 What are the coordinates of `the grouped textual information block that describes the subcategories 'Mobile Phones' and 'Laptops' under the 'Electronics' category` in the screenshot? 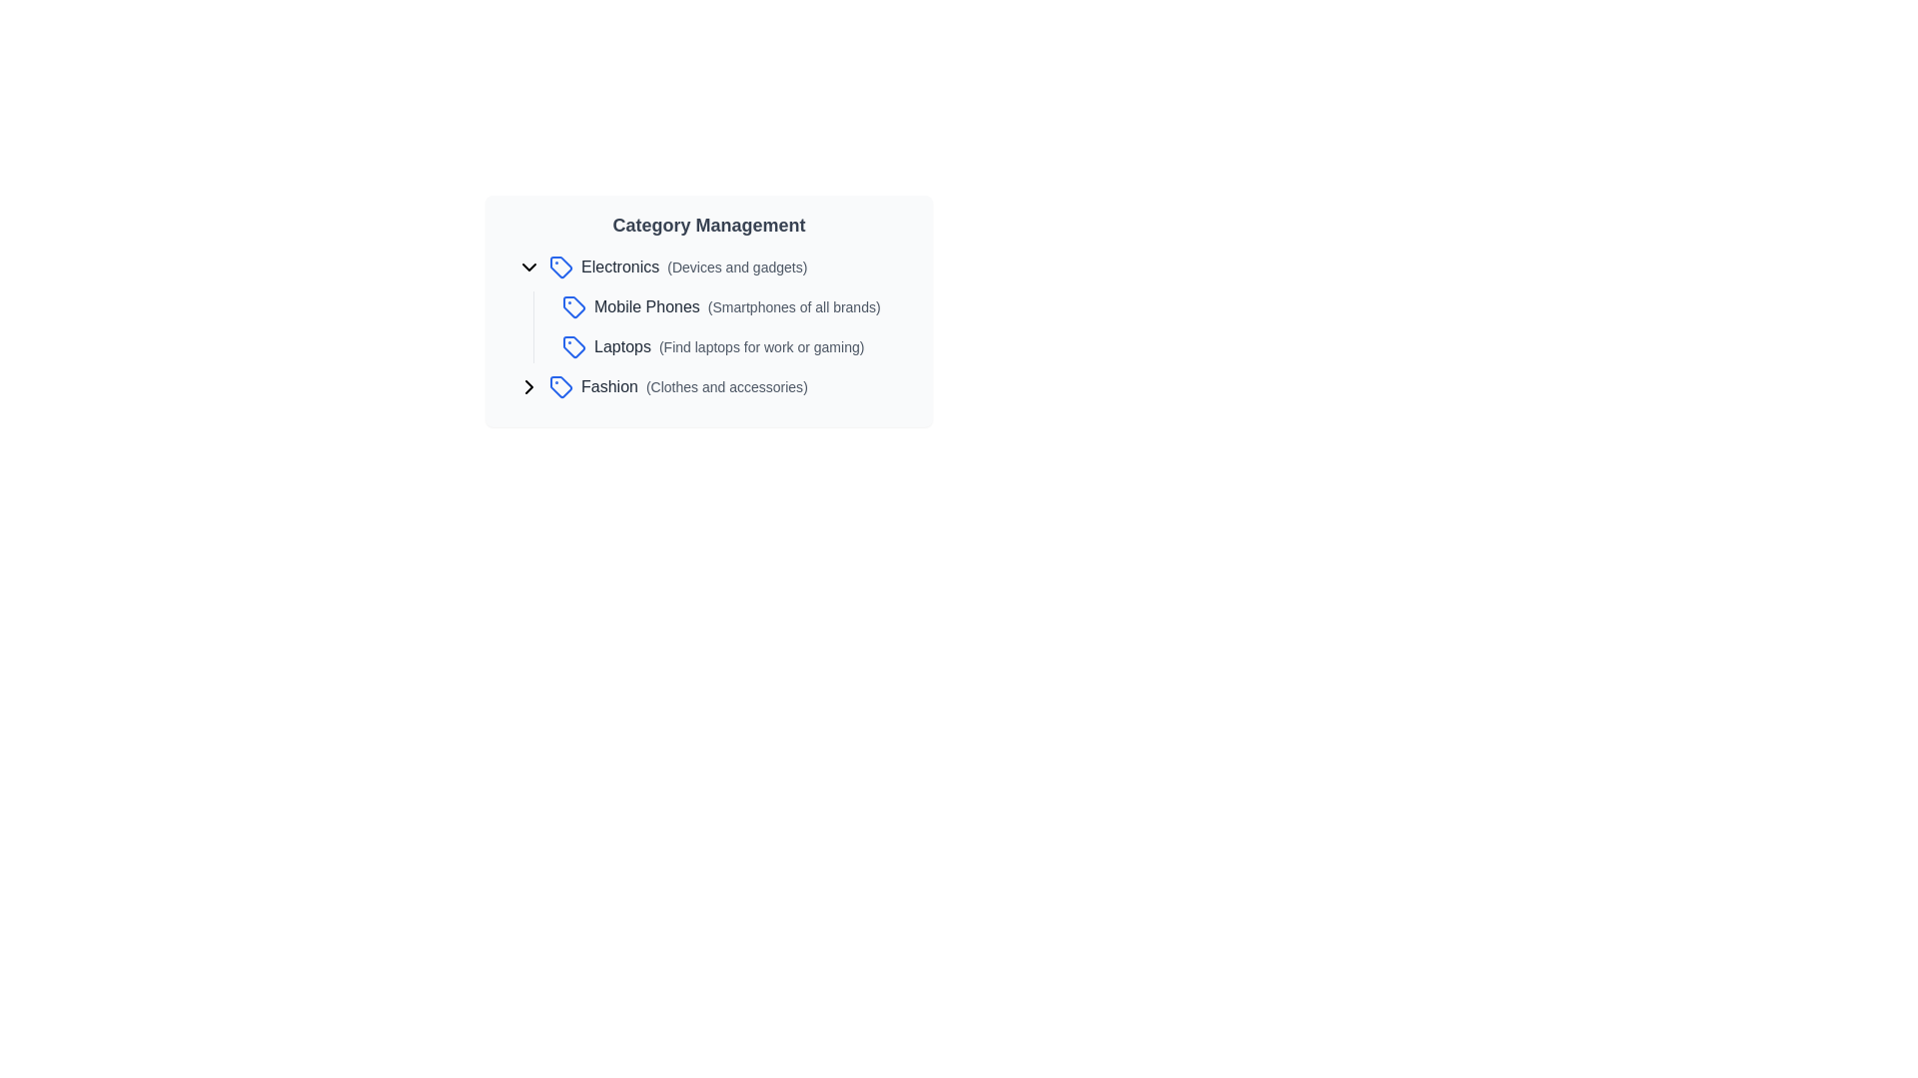 It's located at (738, 325).